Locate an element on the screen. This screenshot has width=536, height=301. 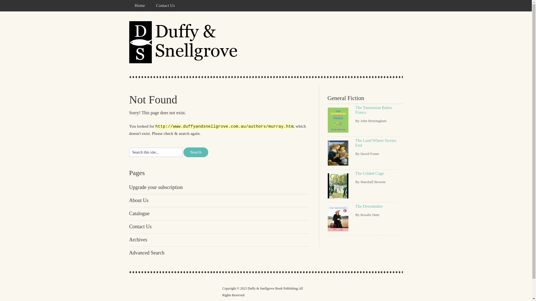
'Duffy & Snellgrove Book Publishing' is located at coordinates (185, 42).